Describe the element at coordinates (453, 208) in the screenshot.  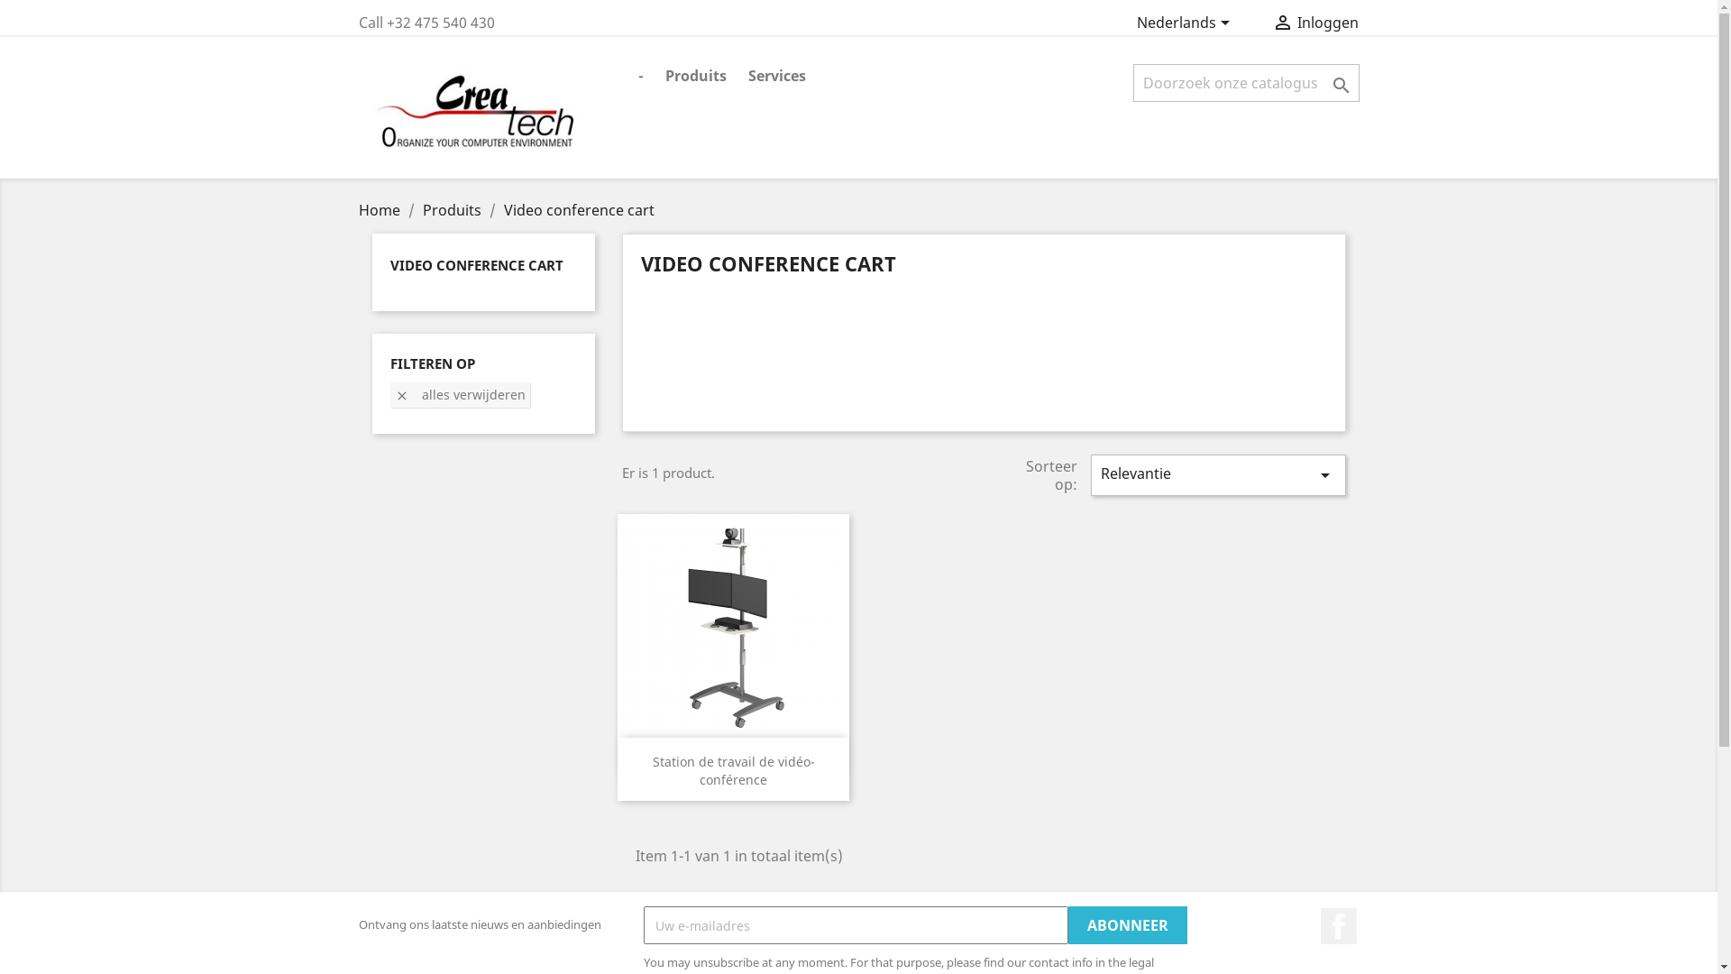
I see `'Produits'` at that location.